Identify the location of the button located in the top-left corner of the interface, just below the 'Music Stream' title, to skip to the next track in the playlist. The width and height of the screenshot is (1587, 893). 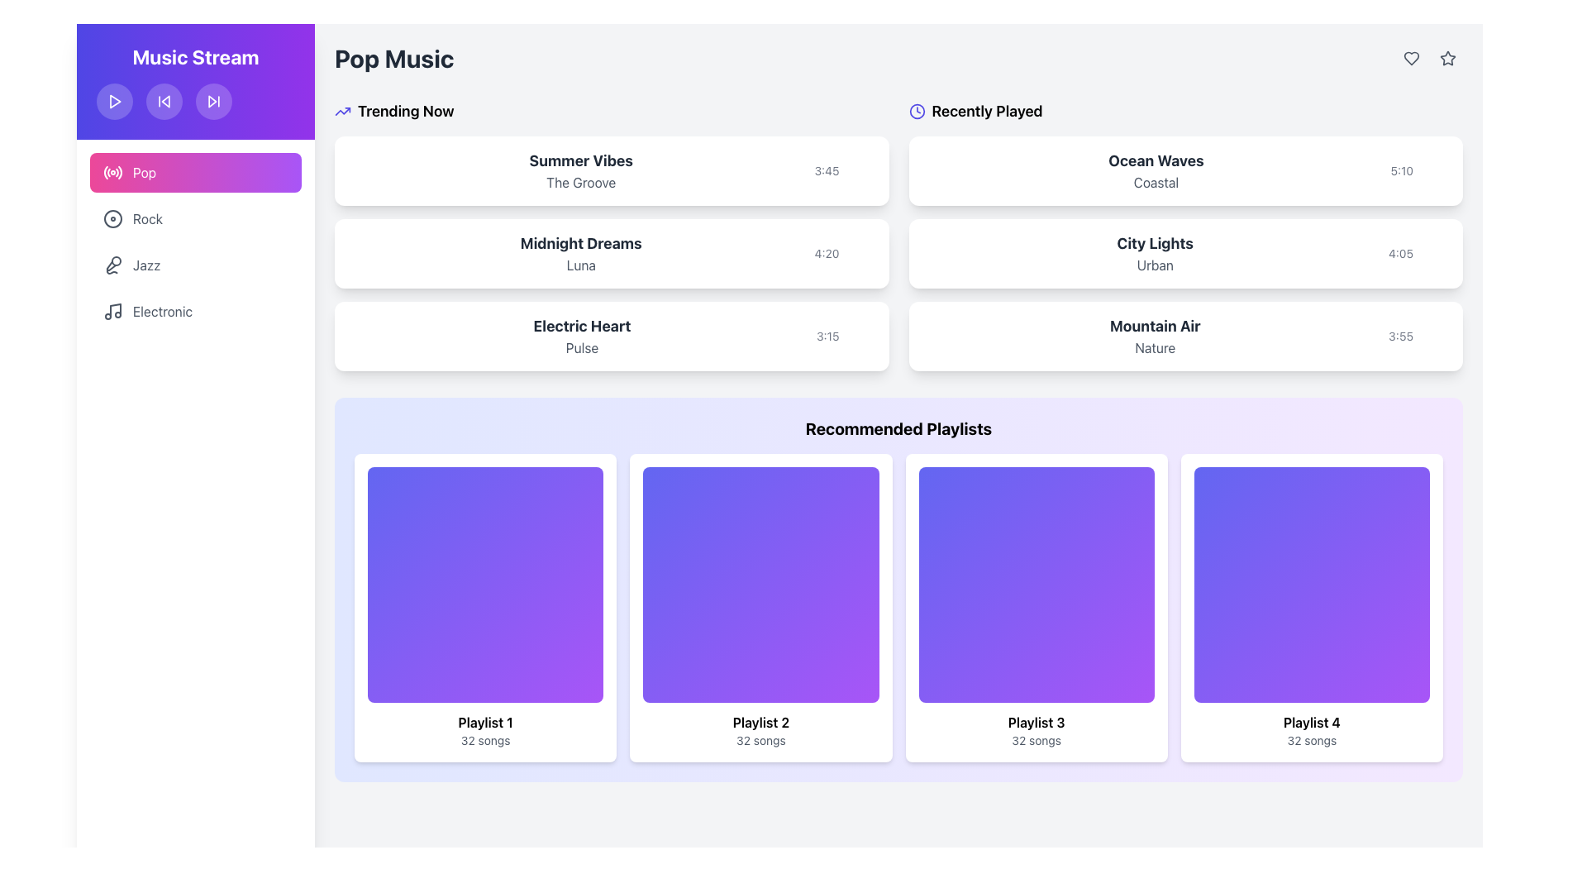
(213, 102).